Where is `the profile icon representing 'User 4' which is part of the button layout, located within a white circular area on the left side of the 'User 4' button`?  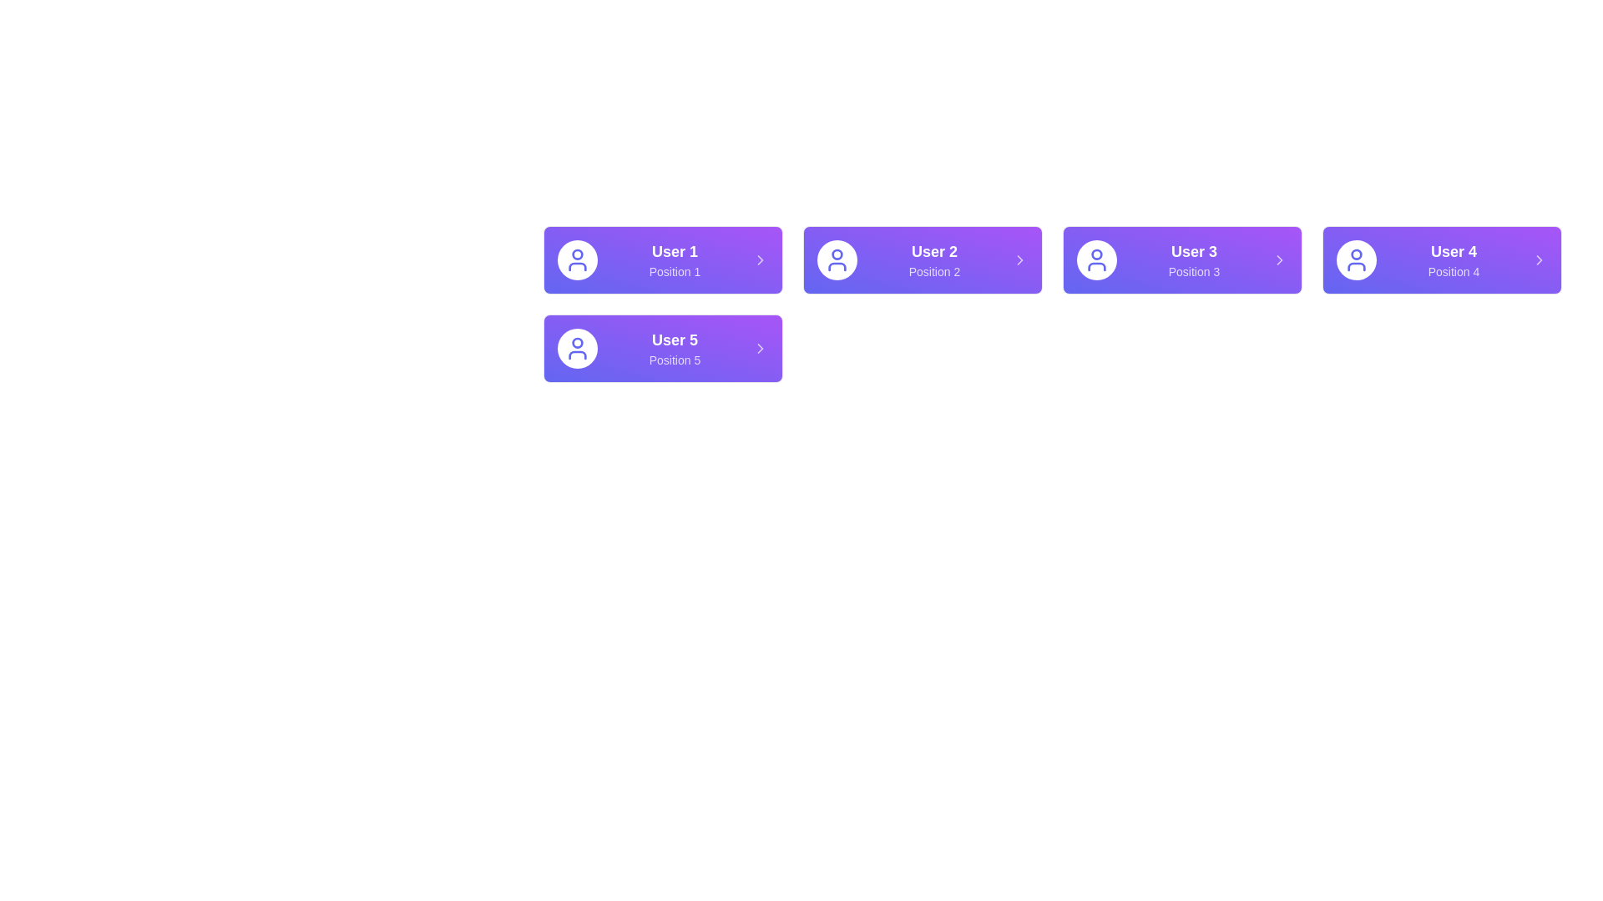
the profile icon representing 'User 4' which is part of the button layout, located within a white circular area on the left side of the 'User 4' button is located at coordinates (1357, 254).